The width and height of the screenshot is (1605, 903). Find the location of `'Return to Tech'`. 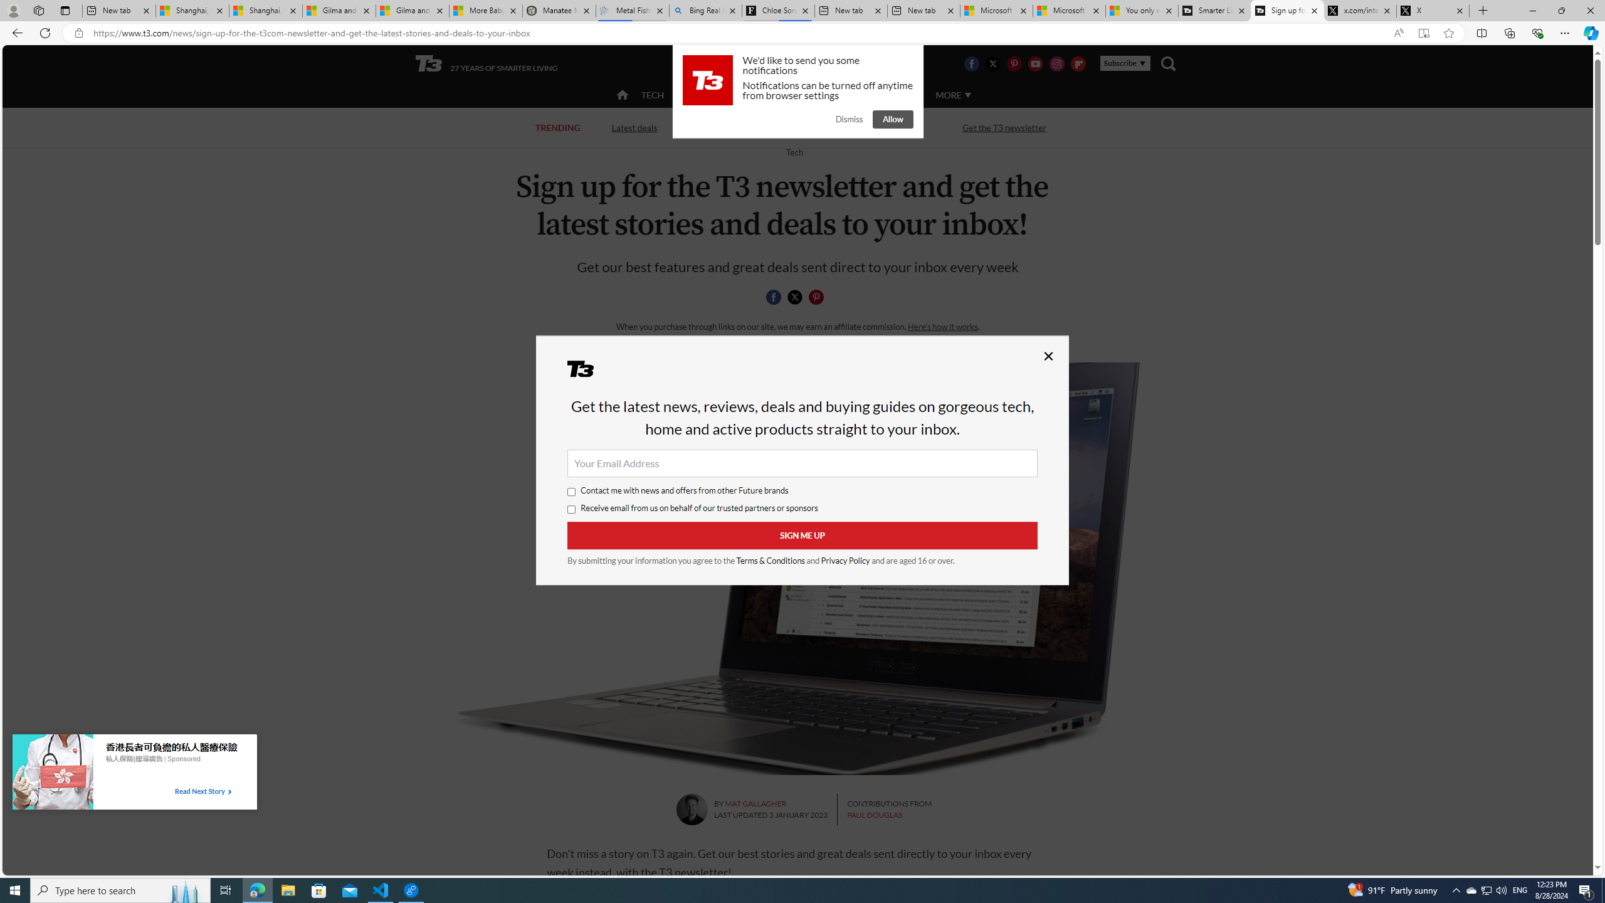

'Return to Tech' is located at coordinates (794, 151).